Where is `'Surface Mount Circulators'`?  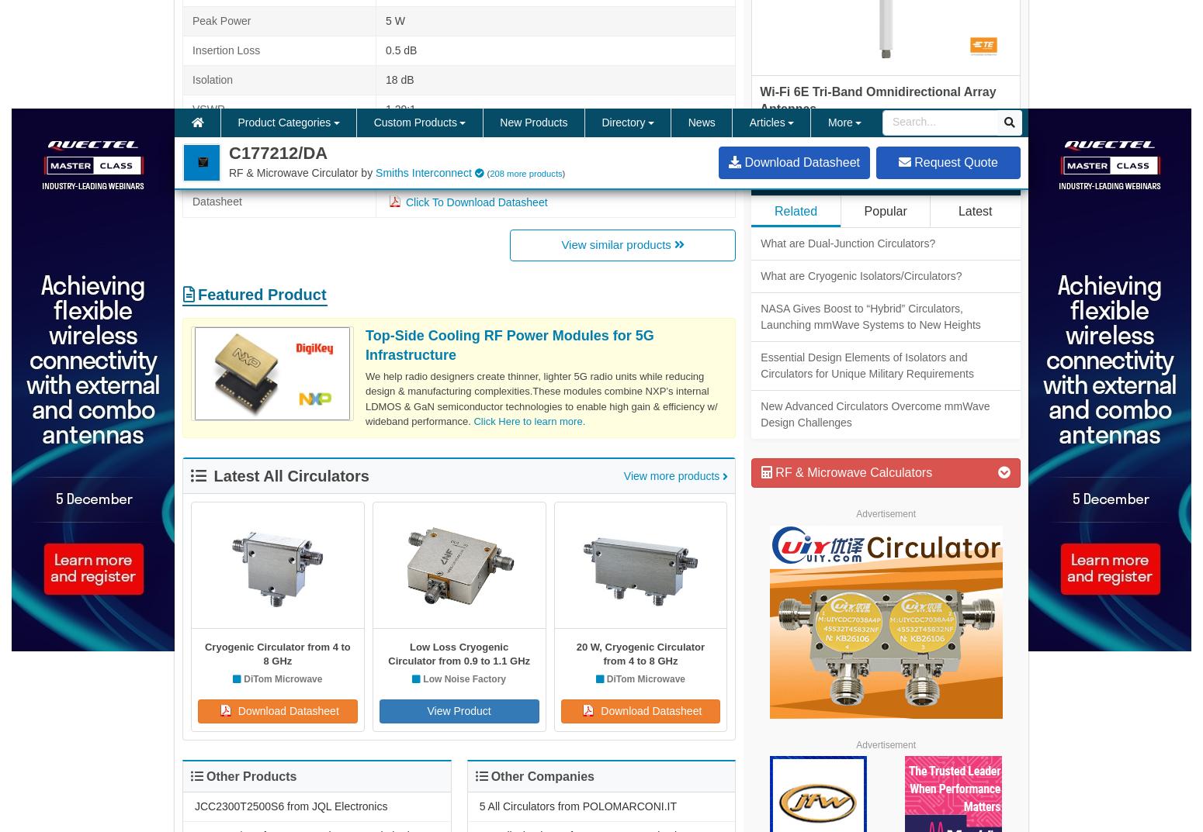 'Surface Mount Circulators' is located at coordinates (265, 174).